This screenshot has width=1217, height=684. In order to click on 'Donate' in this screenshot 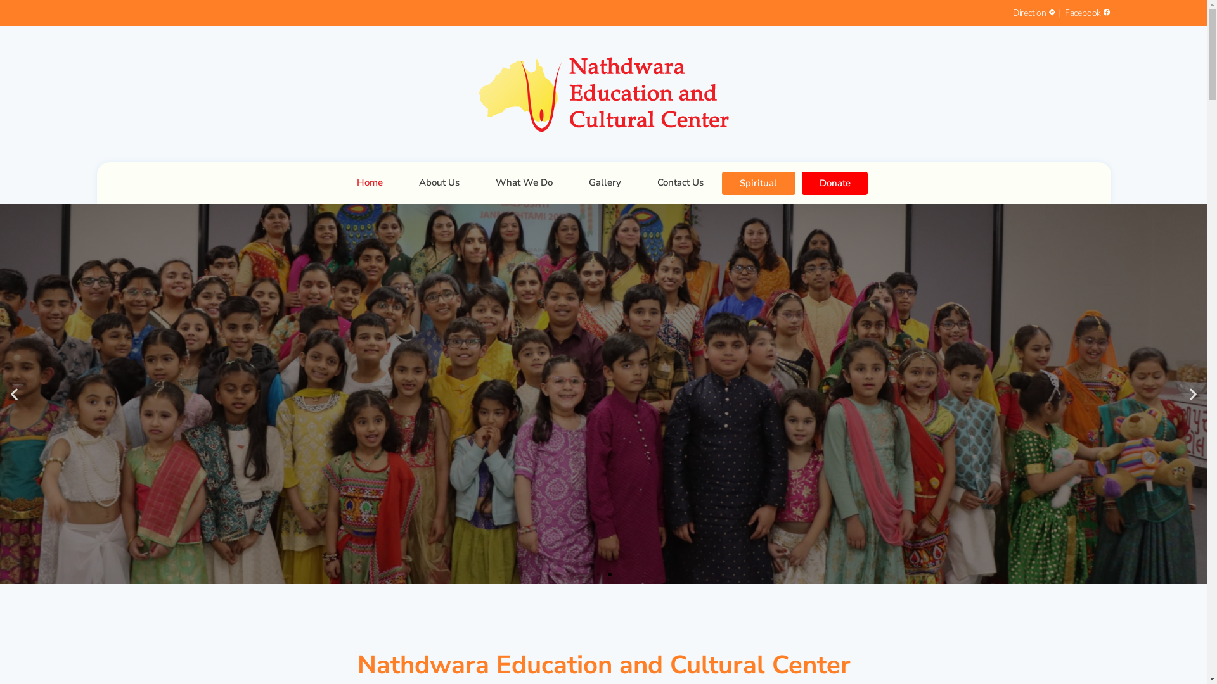, I will do `click(835, 183)`.